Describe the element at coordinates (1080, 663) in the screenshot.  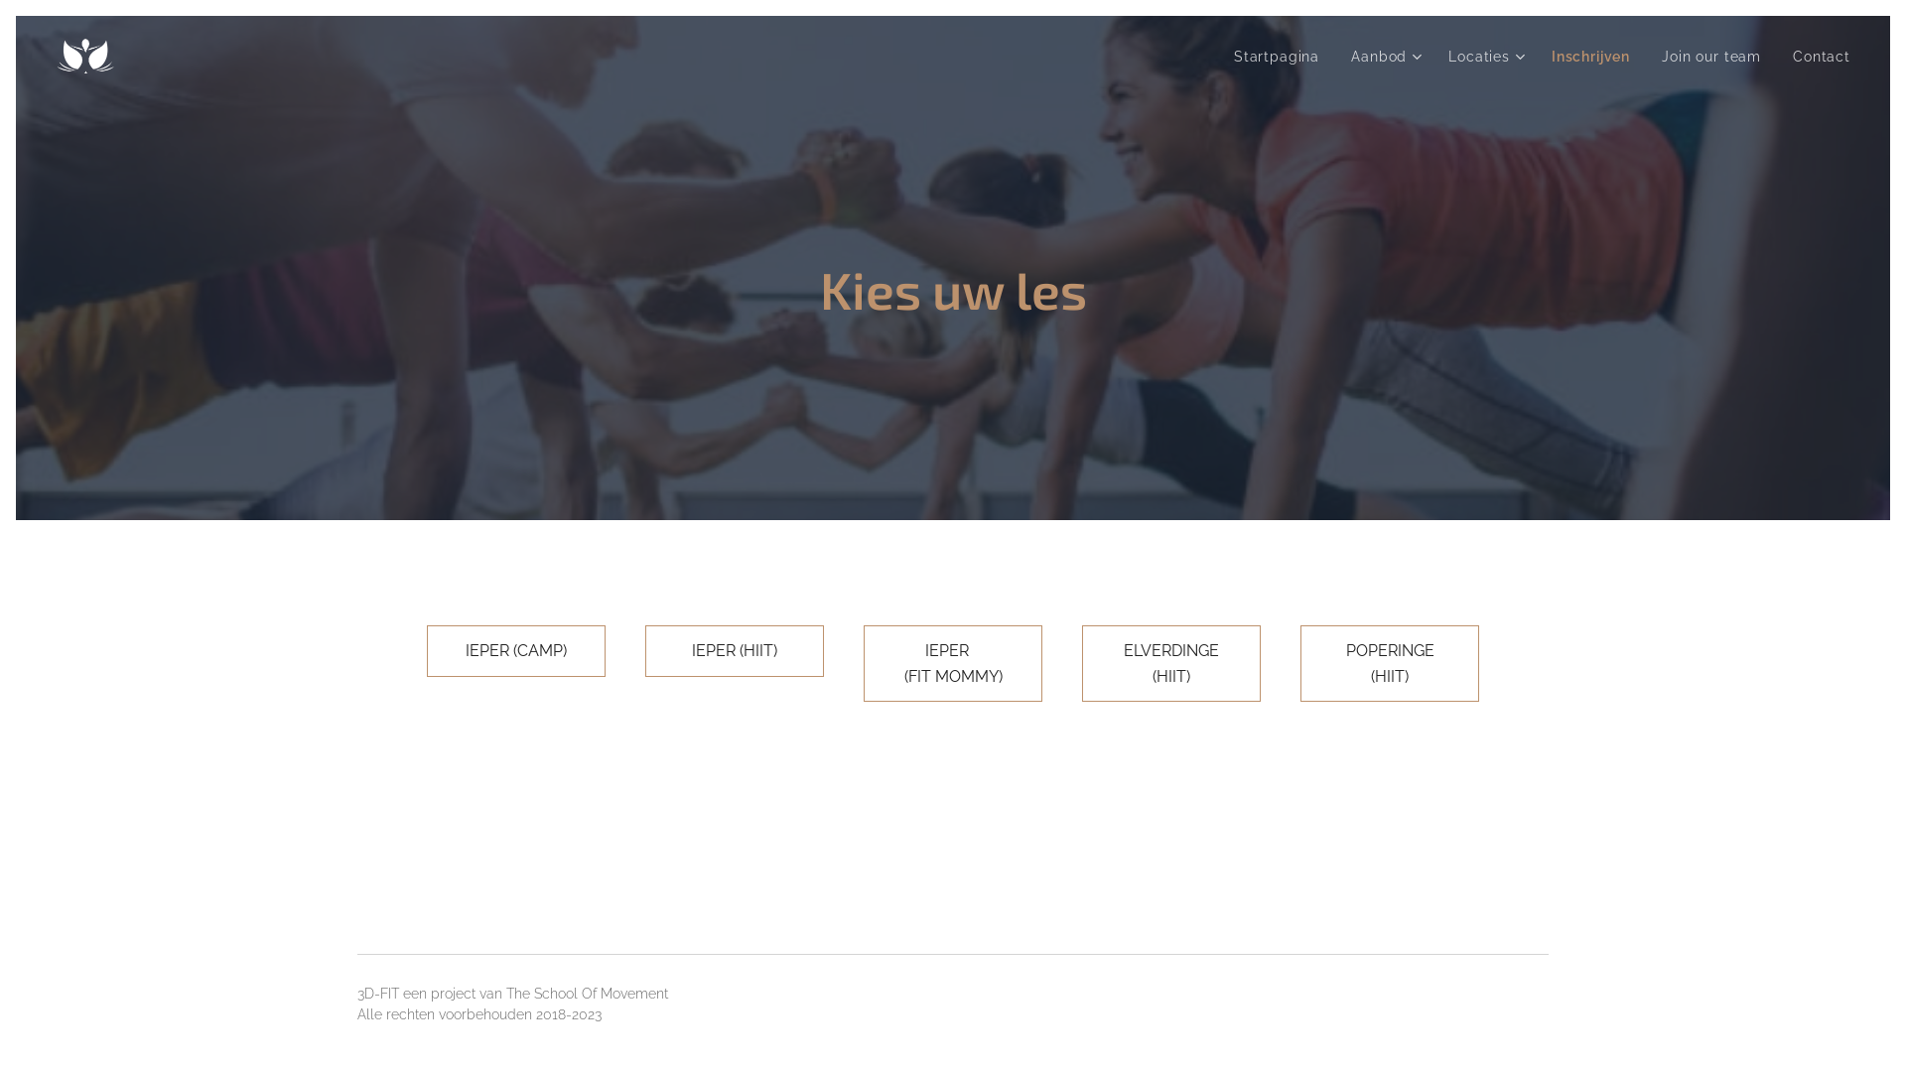
I see `'ELVERDINGE (HIIT)'` at that location.